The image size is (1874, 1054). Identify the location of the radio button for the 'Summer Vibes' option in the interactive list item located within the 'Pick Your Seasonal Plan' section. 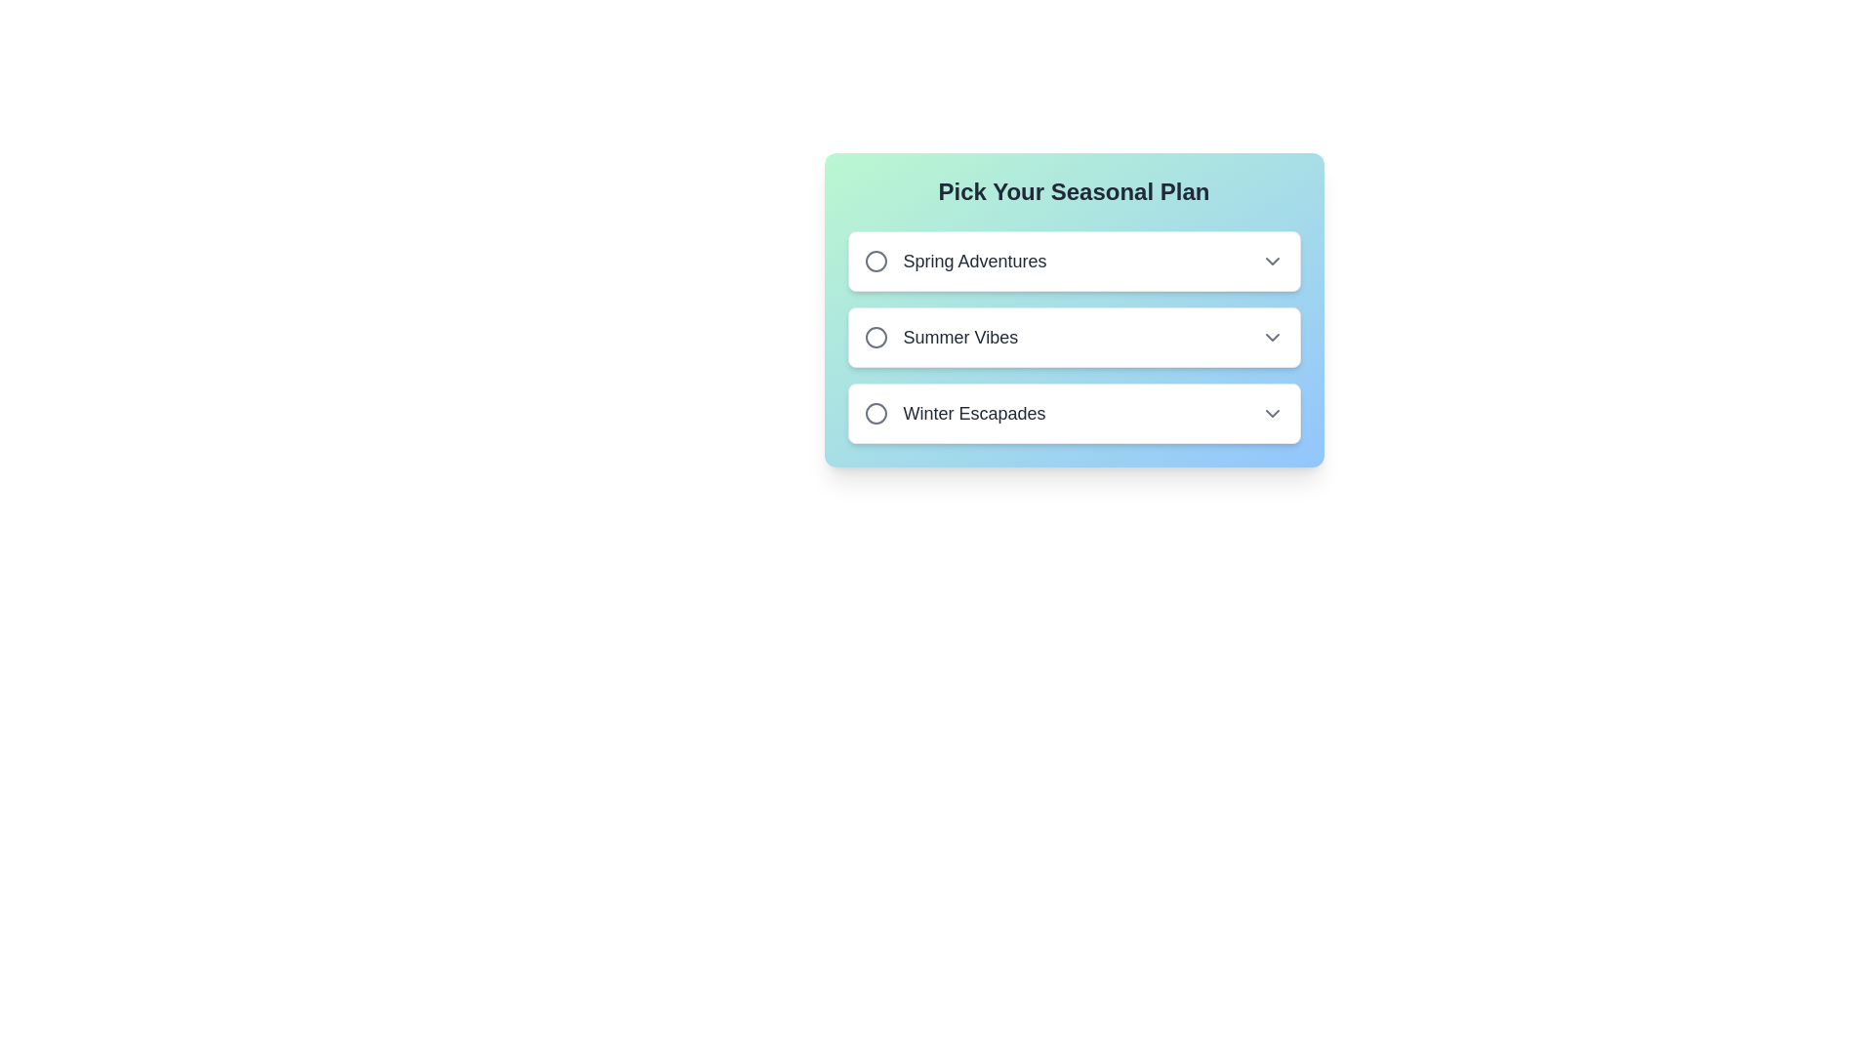
(1073, 337).